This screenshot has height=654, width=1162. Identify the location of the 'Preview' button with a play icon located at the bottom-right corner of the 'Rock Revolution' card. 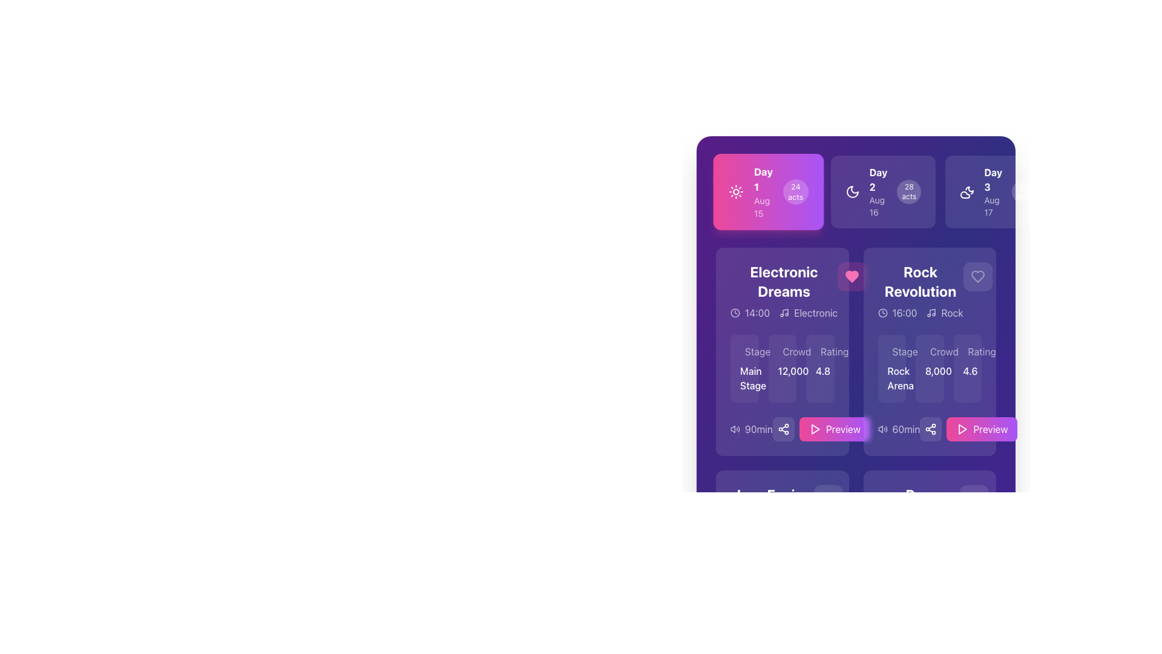
(990, 429).